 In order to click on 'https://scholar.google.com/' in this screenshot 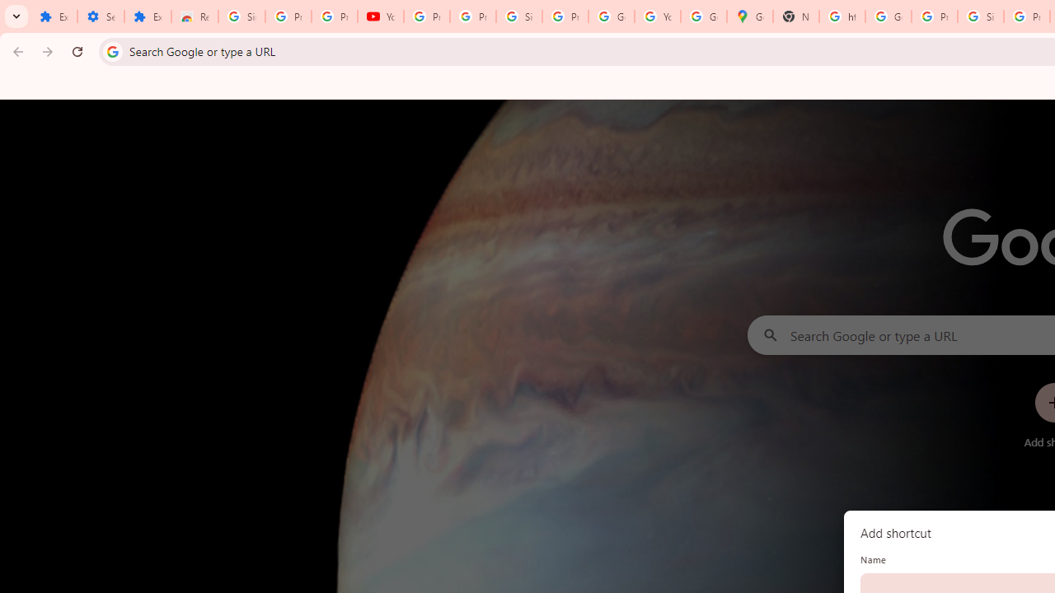, I will do `click(842, 16)`.